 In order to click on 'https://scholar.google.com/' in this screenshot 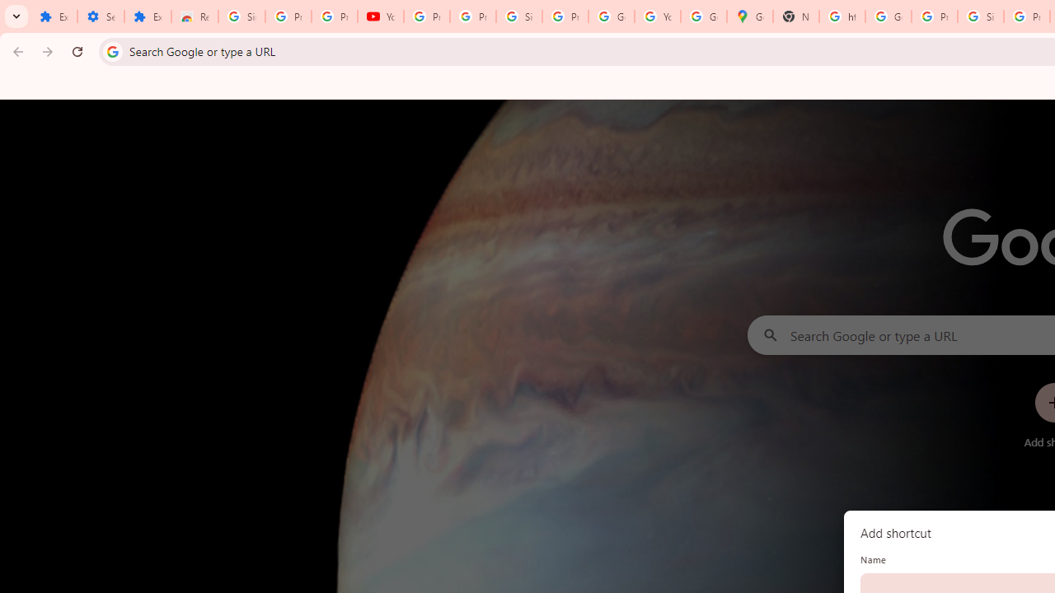, I will do `click(842, 16)`.